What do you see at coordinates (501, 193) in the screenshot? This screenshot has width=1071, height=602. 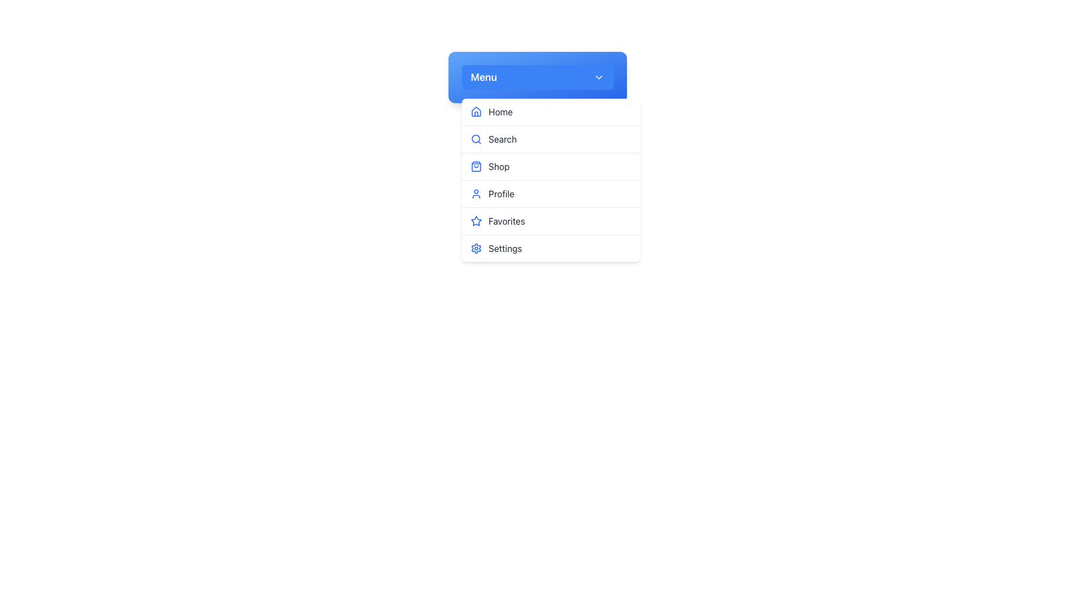 I see `the 'Profile' text label in the vertical list menu` at bounding box center [501, 193].